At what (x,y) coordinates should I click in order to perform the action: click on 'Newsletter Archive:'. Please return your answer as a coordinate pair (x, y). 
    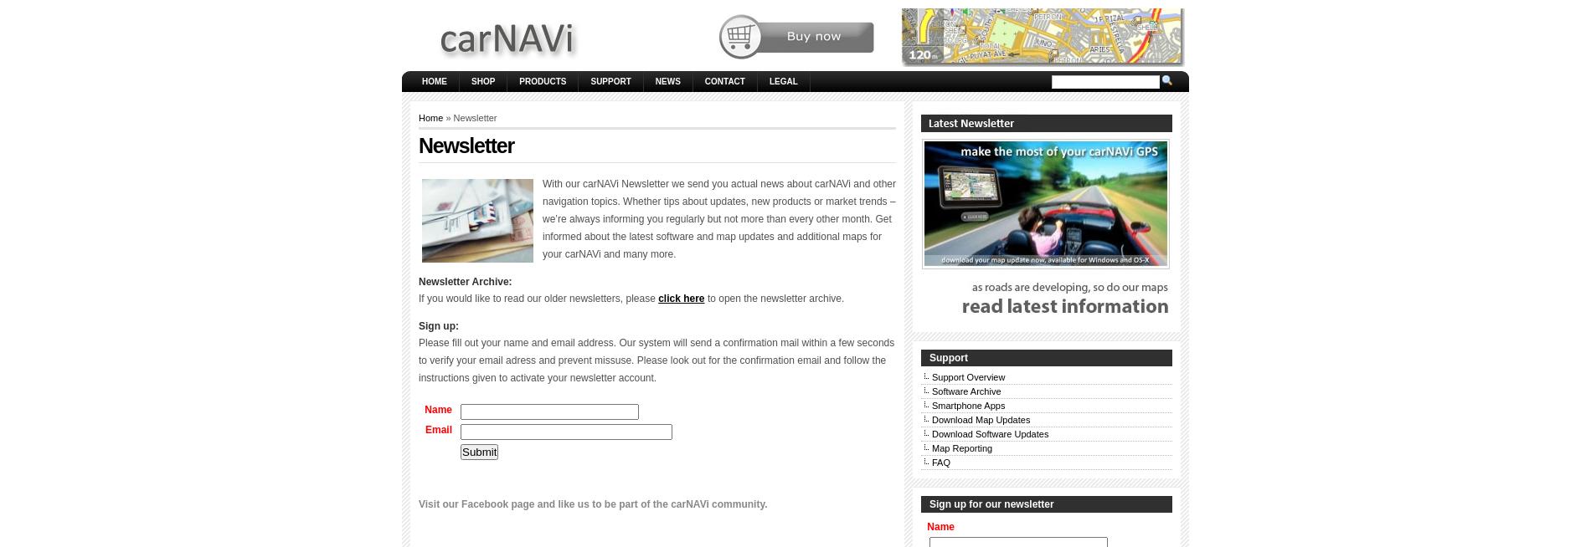
    Looking at the image, I should click on (465, 281).